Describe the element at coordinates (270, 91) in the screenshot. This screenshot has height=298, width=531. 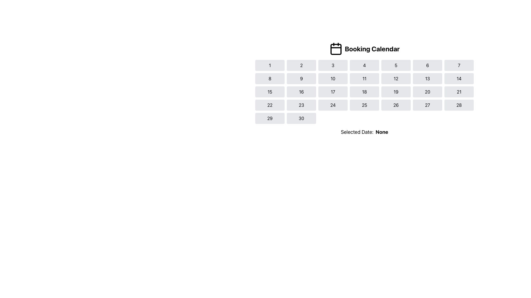
I see `the interactive button for selecting the specific date '15' in the Booking Calendar interface` at that location.